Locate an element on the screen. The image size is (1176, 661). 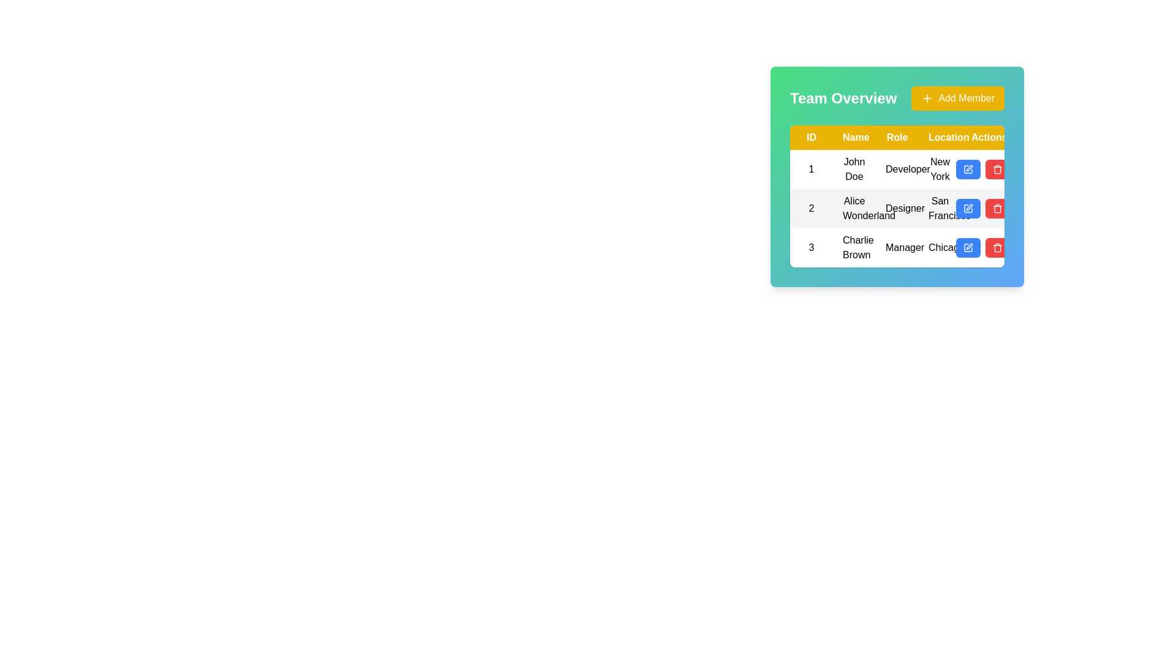
the small blue square button with a white pen icon in the 'Actions' column, adjacent to 'John Doe' is located at coordinates (967, 170).